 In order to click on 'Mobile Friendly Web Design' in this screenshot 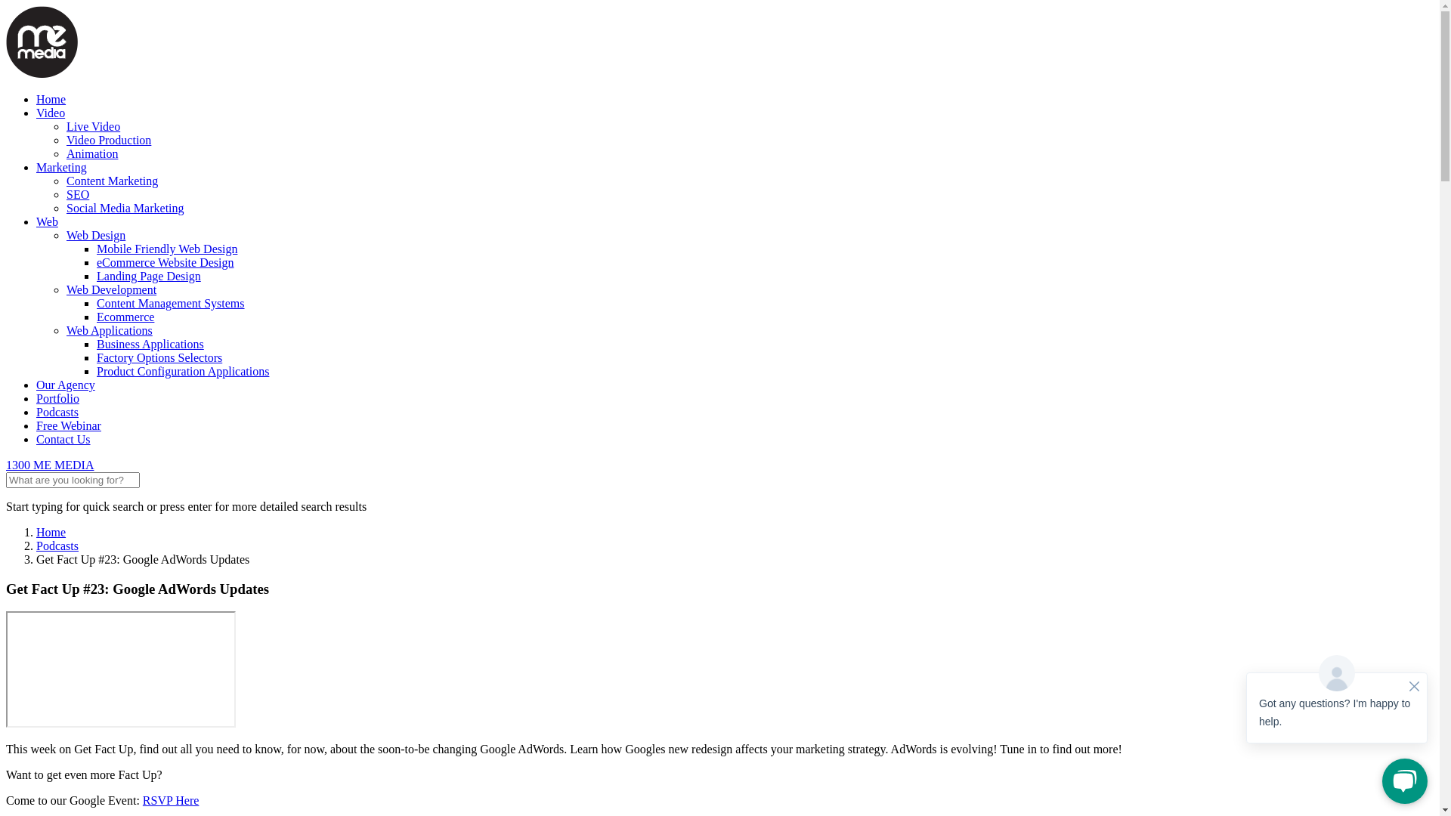, I will do `click(96, 248)`.